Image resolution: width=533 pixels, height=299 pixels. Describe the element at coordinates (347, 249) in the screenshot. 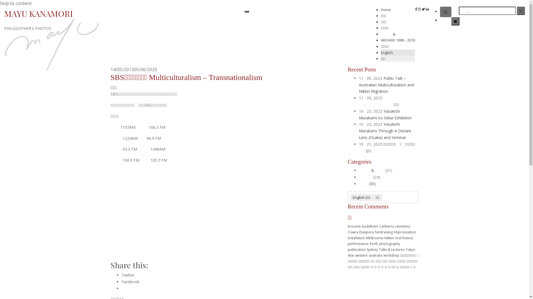

I see `'publication'` at that location.